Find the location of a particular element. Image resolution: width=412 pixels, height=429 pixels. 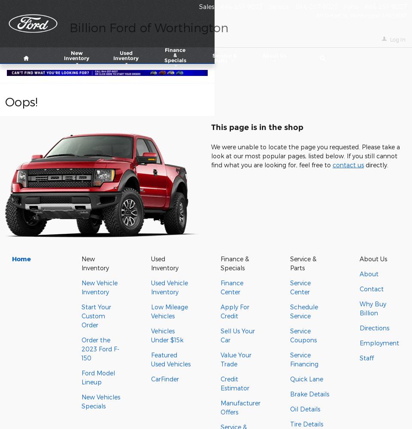

'Contact' is located at coordinates (371, 289).